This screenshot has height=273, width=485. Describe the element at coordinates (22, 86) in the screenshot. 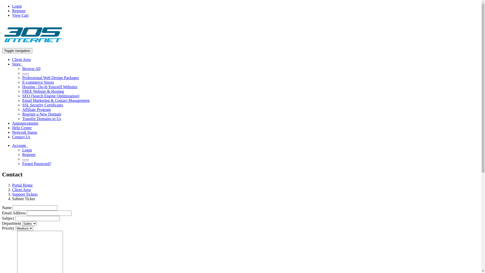

I see `'Hosting : Do-It-Yourself Websites'` at that location.